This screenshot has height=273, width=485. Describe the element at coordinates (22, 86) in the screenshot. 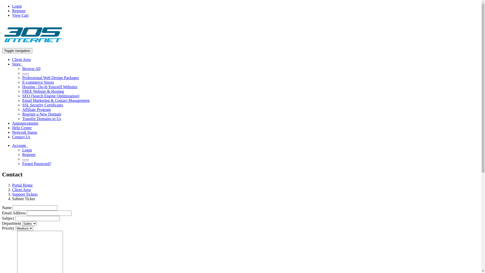

I see `'Hosting : Do-It-Yourself Websites'` at that location.